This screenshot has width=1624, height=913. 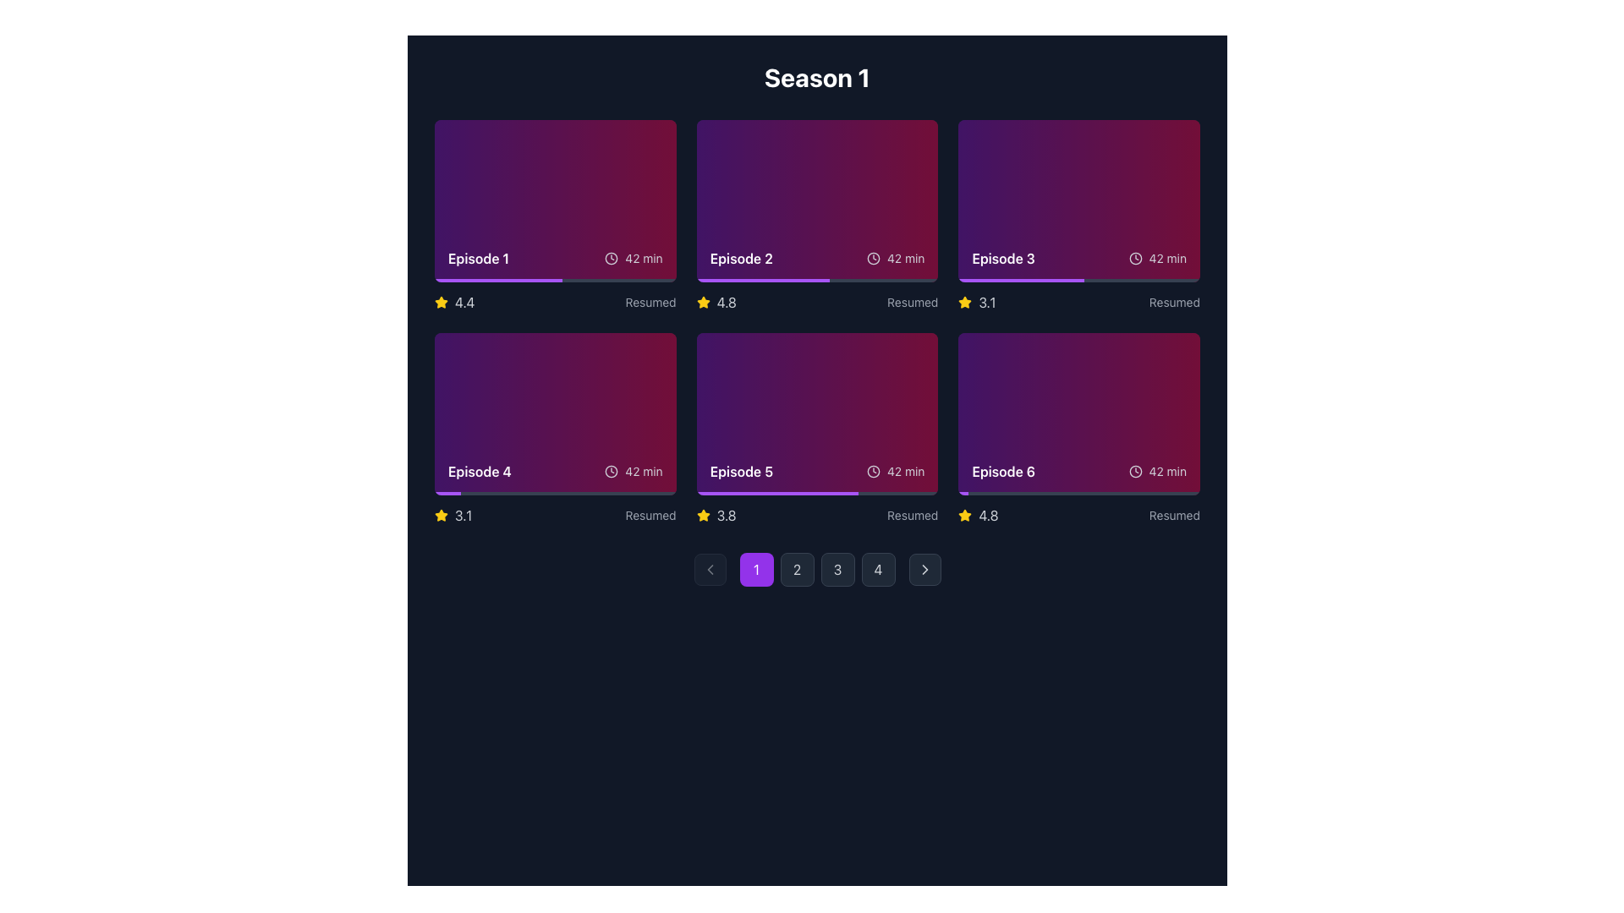 What do you see at coordinates (716, 302) in the screenshot?
I see `the Composite element containing the icon and text label that indicates the rating for the second episode in the grid, located at the bottom-left of the episode card` at bounding box center [716, 302].